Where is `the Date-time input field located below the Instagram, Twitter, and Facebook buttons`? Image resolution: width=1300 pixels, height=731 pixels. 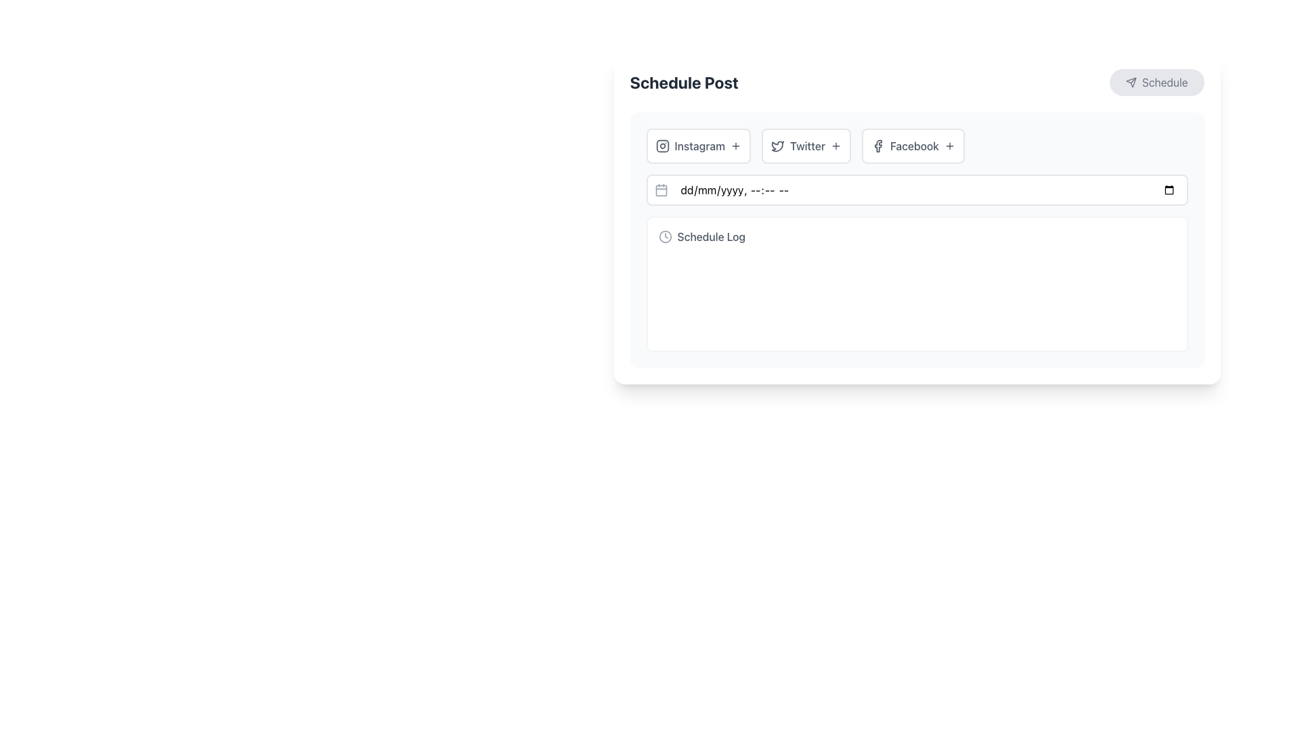 the Date-time input field located below the Instagram, Twitter, and Facebook buttons is located at coordinates (917, 190).